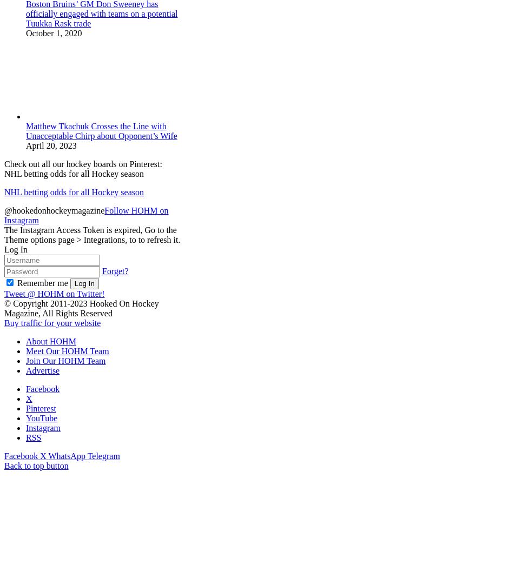 Image resolution: width=529 pixels, height=571 pixels. What do you see at coordinates (23, 560) in the screenshot?
I see `'Search for:'` at bounding box center [23, 560].